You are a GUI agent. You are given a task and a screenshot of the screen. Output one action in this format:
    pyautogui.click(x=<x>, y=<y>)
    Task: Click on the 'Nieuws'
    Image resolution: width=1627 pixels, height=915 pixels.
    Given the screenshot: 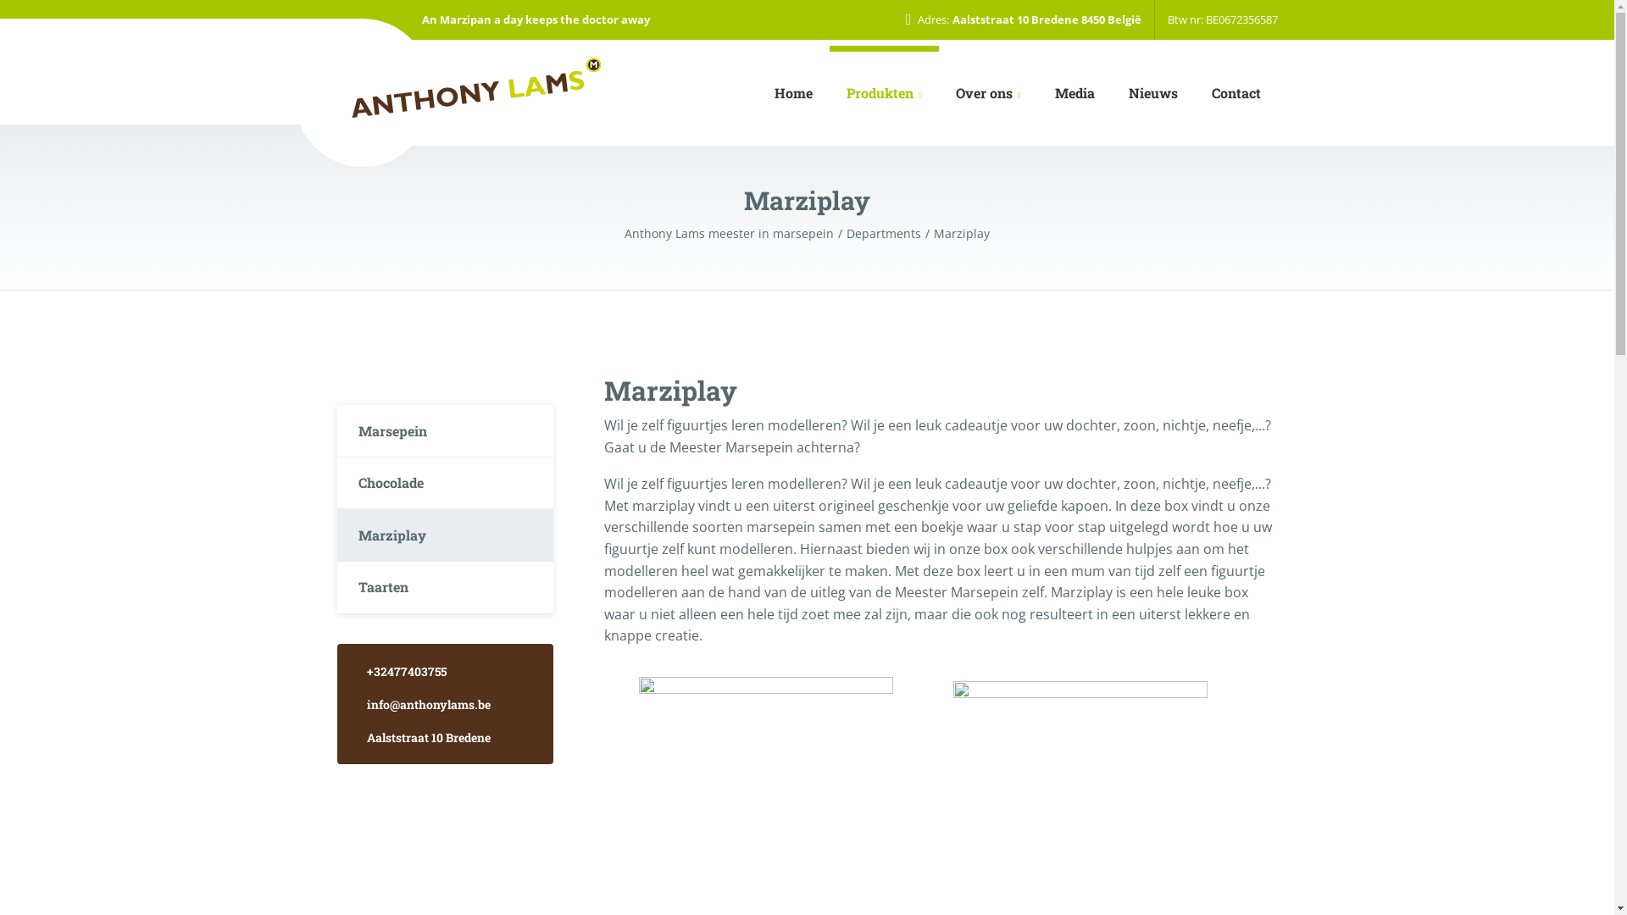 What is the action you would take?
    pyautogui.click(x=1152, y=93)
    